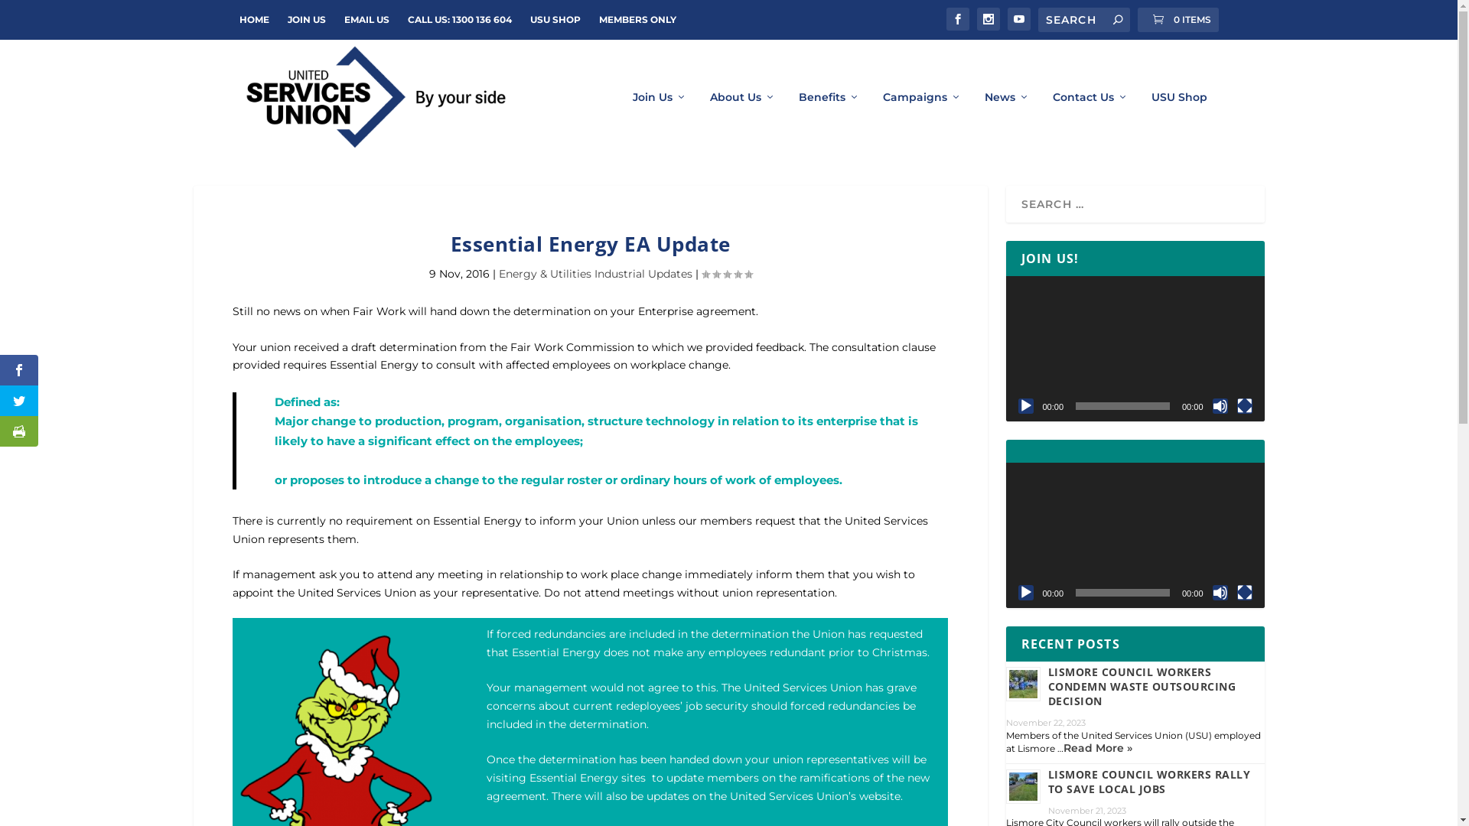  What do you see at coordinates (1244, 592) in the screenshot?
I see `'Fullscreen'` at bounding box center [1244, 592].